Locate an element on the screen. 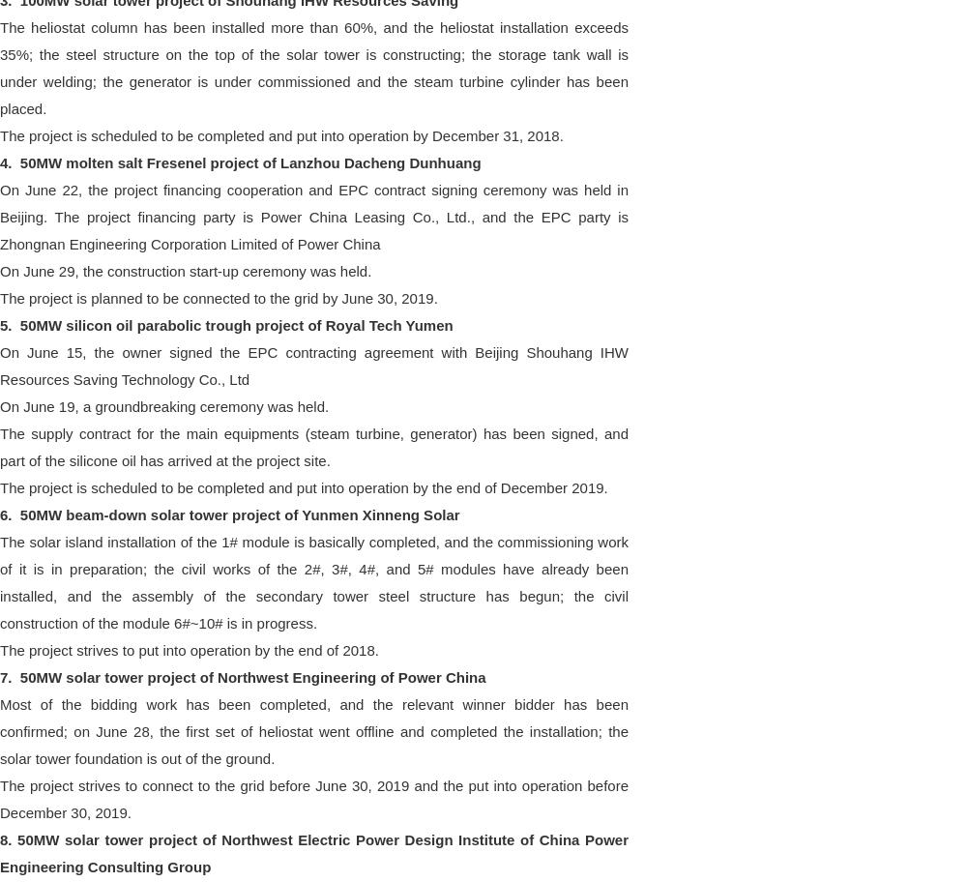  'The project is scheduled to be completed and put into operation by the end of December 2019.' is located at coordinates (303, 485).